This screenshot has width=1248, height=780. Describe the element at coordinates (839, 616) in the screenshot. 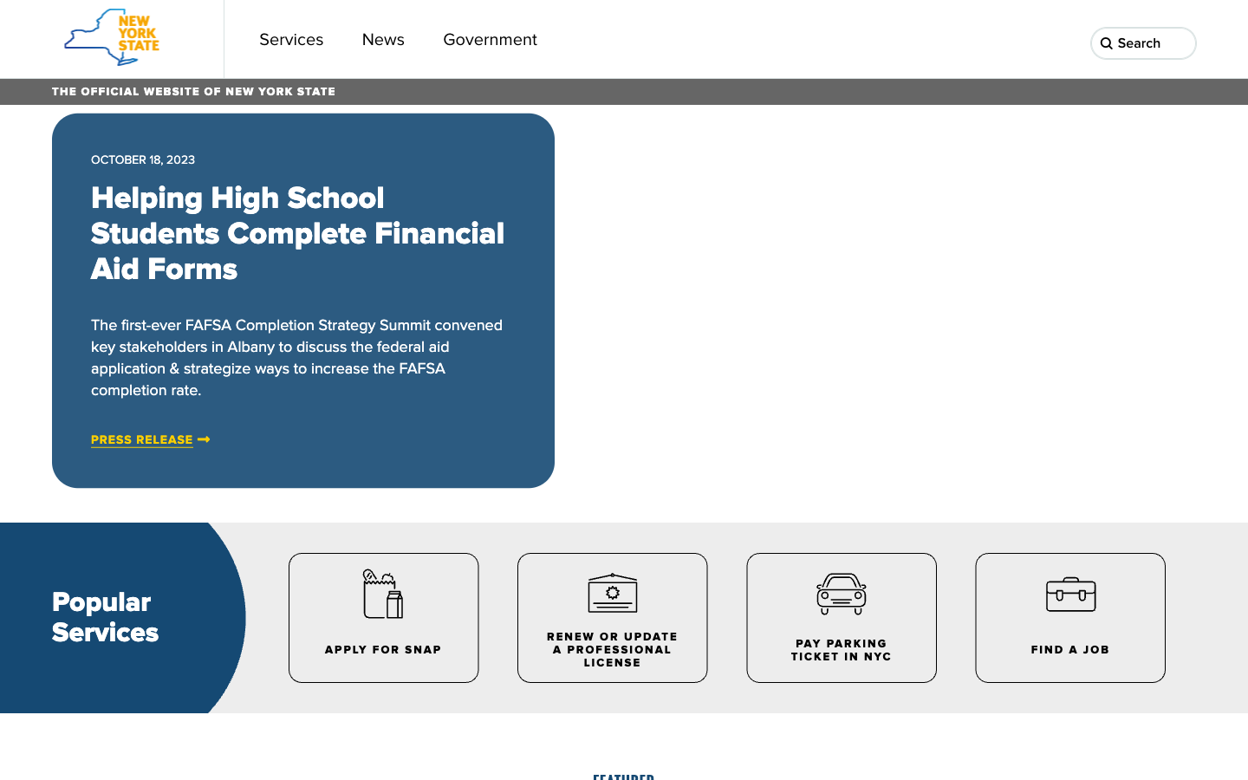

I see `the page to pay parking ticket in NYC from the lower panel` at that location.